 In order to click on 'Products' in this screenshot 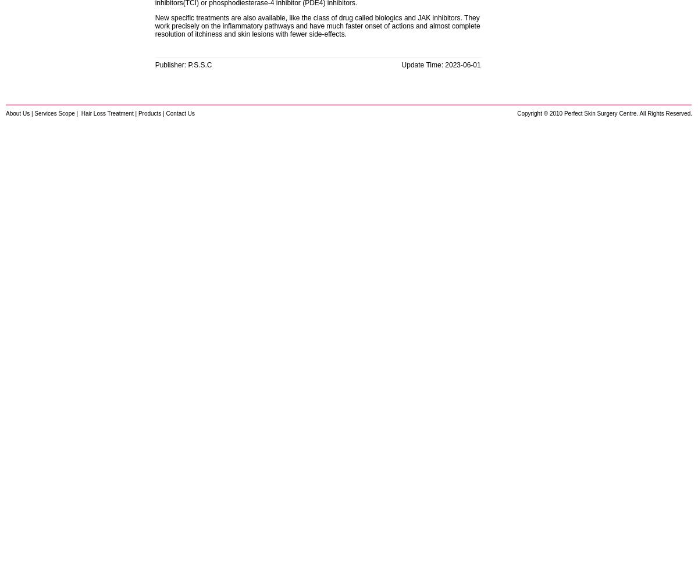, I will do `click(137, 113)`.